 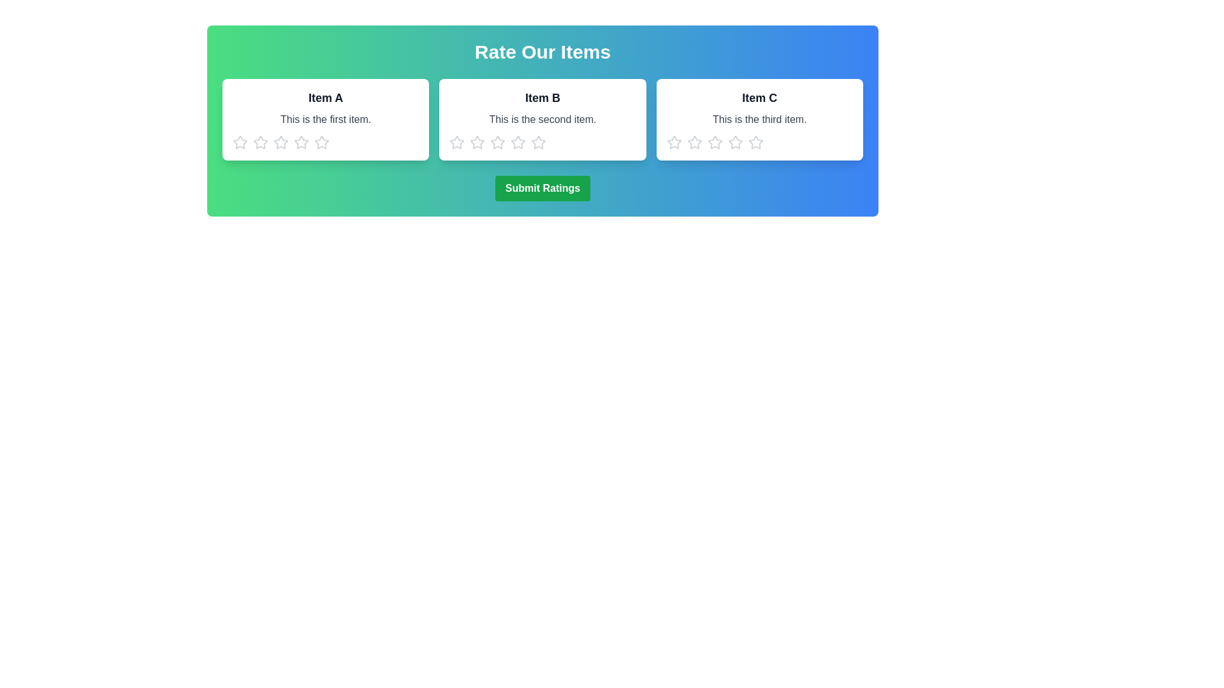 I want to click on the star corresponding to 3 to preview the rating, so click(x=280, y=142).